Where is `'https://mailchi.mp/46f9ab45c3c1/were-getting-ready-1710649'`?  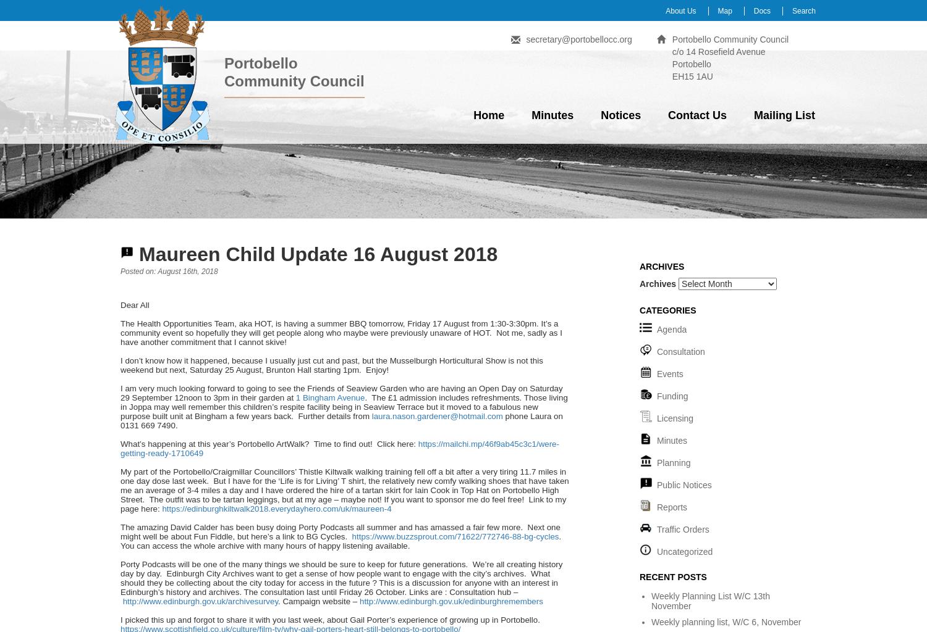 'https://mailchi.mp/46f9ab45c3c1/were-getting-ready-1710649' is located at coordinates (339, 448).